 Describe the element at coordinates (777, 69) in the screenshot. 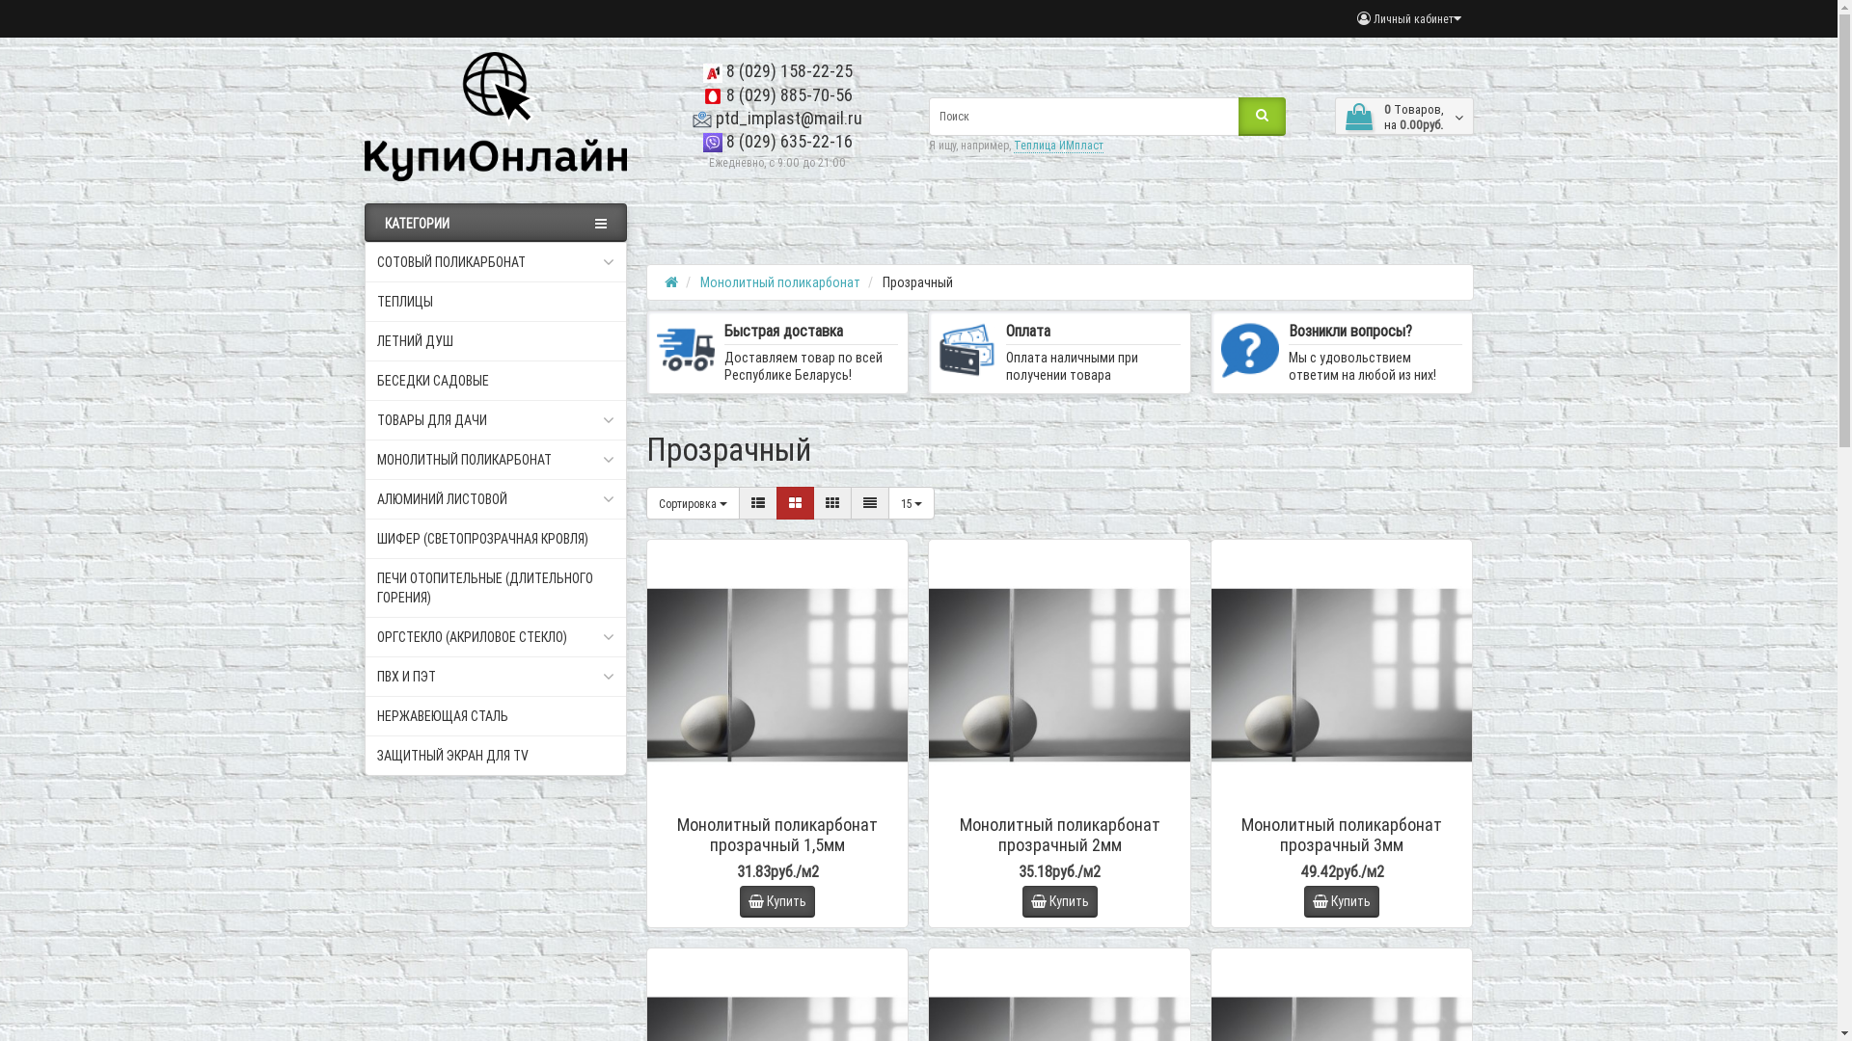

I see `'8 (029) 158-22-25'` at that location.